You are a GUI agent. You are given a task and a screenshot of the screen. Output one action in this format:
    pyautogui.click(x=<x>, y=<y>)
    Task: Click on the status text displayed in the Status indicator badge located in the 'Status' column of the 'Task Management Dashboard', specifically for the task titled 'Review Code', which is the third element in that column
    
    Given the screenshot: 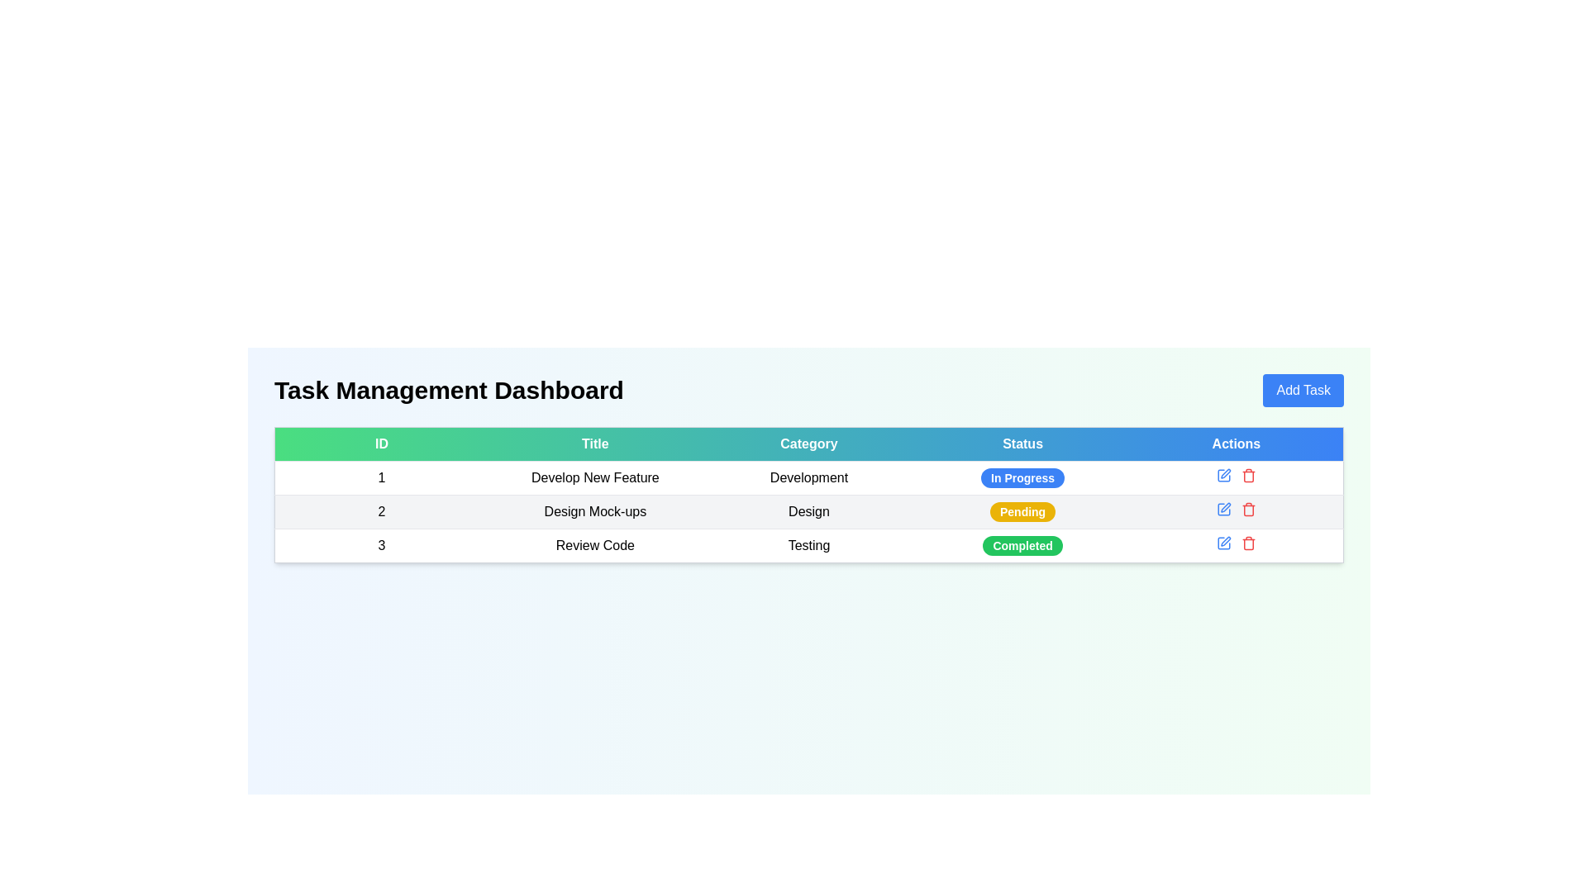 What is the action you would take?
    pyautogui.click(x=1022, y=545)
    